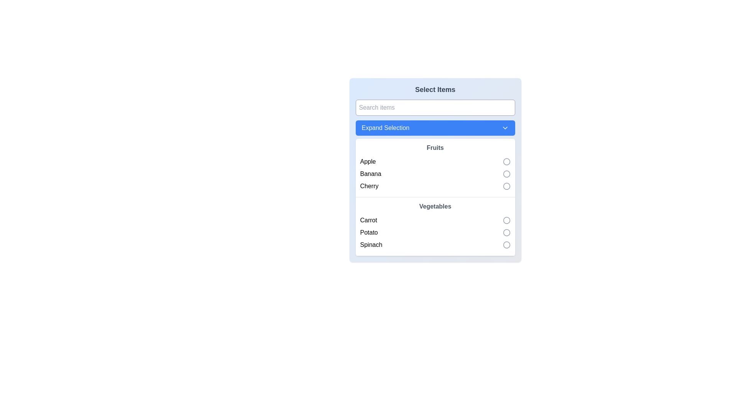 This screenshot has width=736, height=414. I want to click on the radio button for selecting the 'Banana' option in the 'Fruits' section to choose this option, so click(506, 174).